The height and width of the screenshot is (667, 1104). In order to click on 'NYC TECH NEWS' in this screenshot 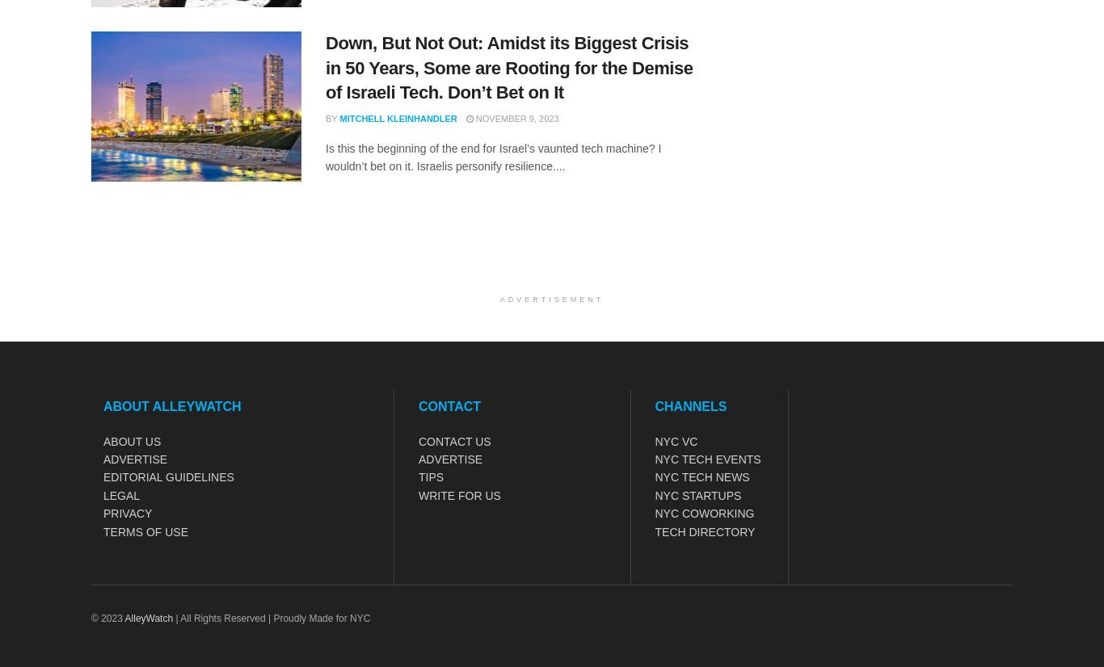, I will do `click(701, 477)`.